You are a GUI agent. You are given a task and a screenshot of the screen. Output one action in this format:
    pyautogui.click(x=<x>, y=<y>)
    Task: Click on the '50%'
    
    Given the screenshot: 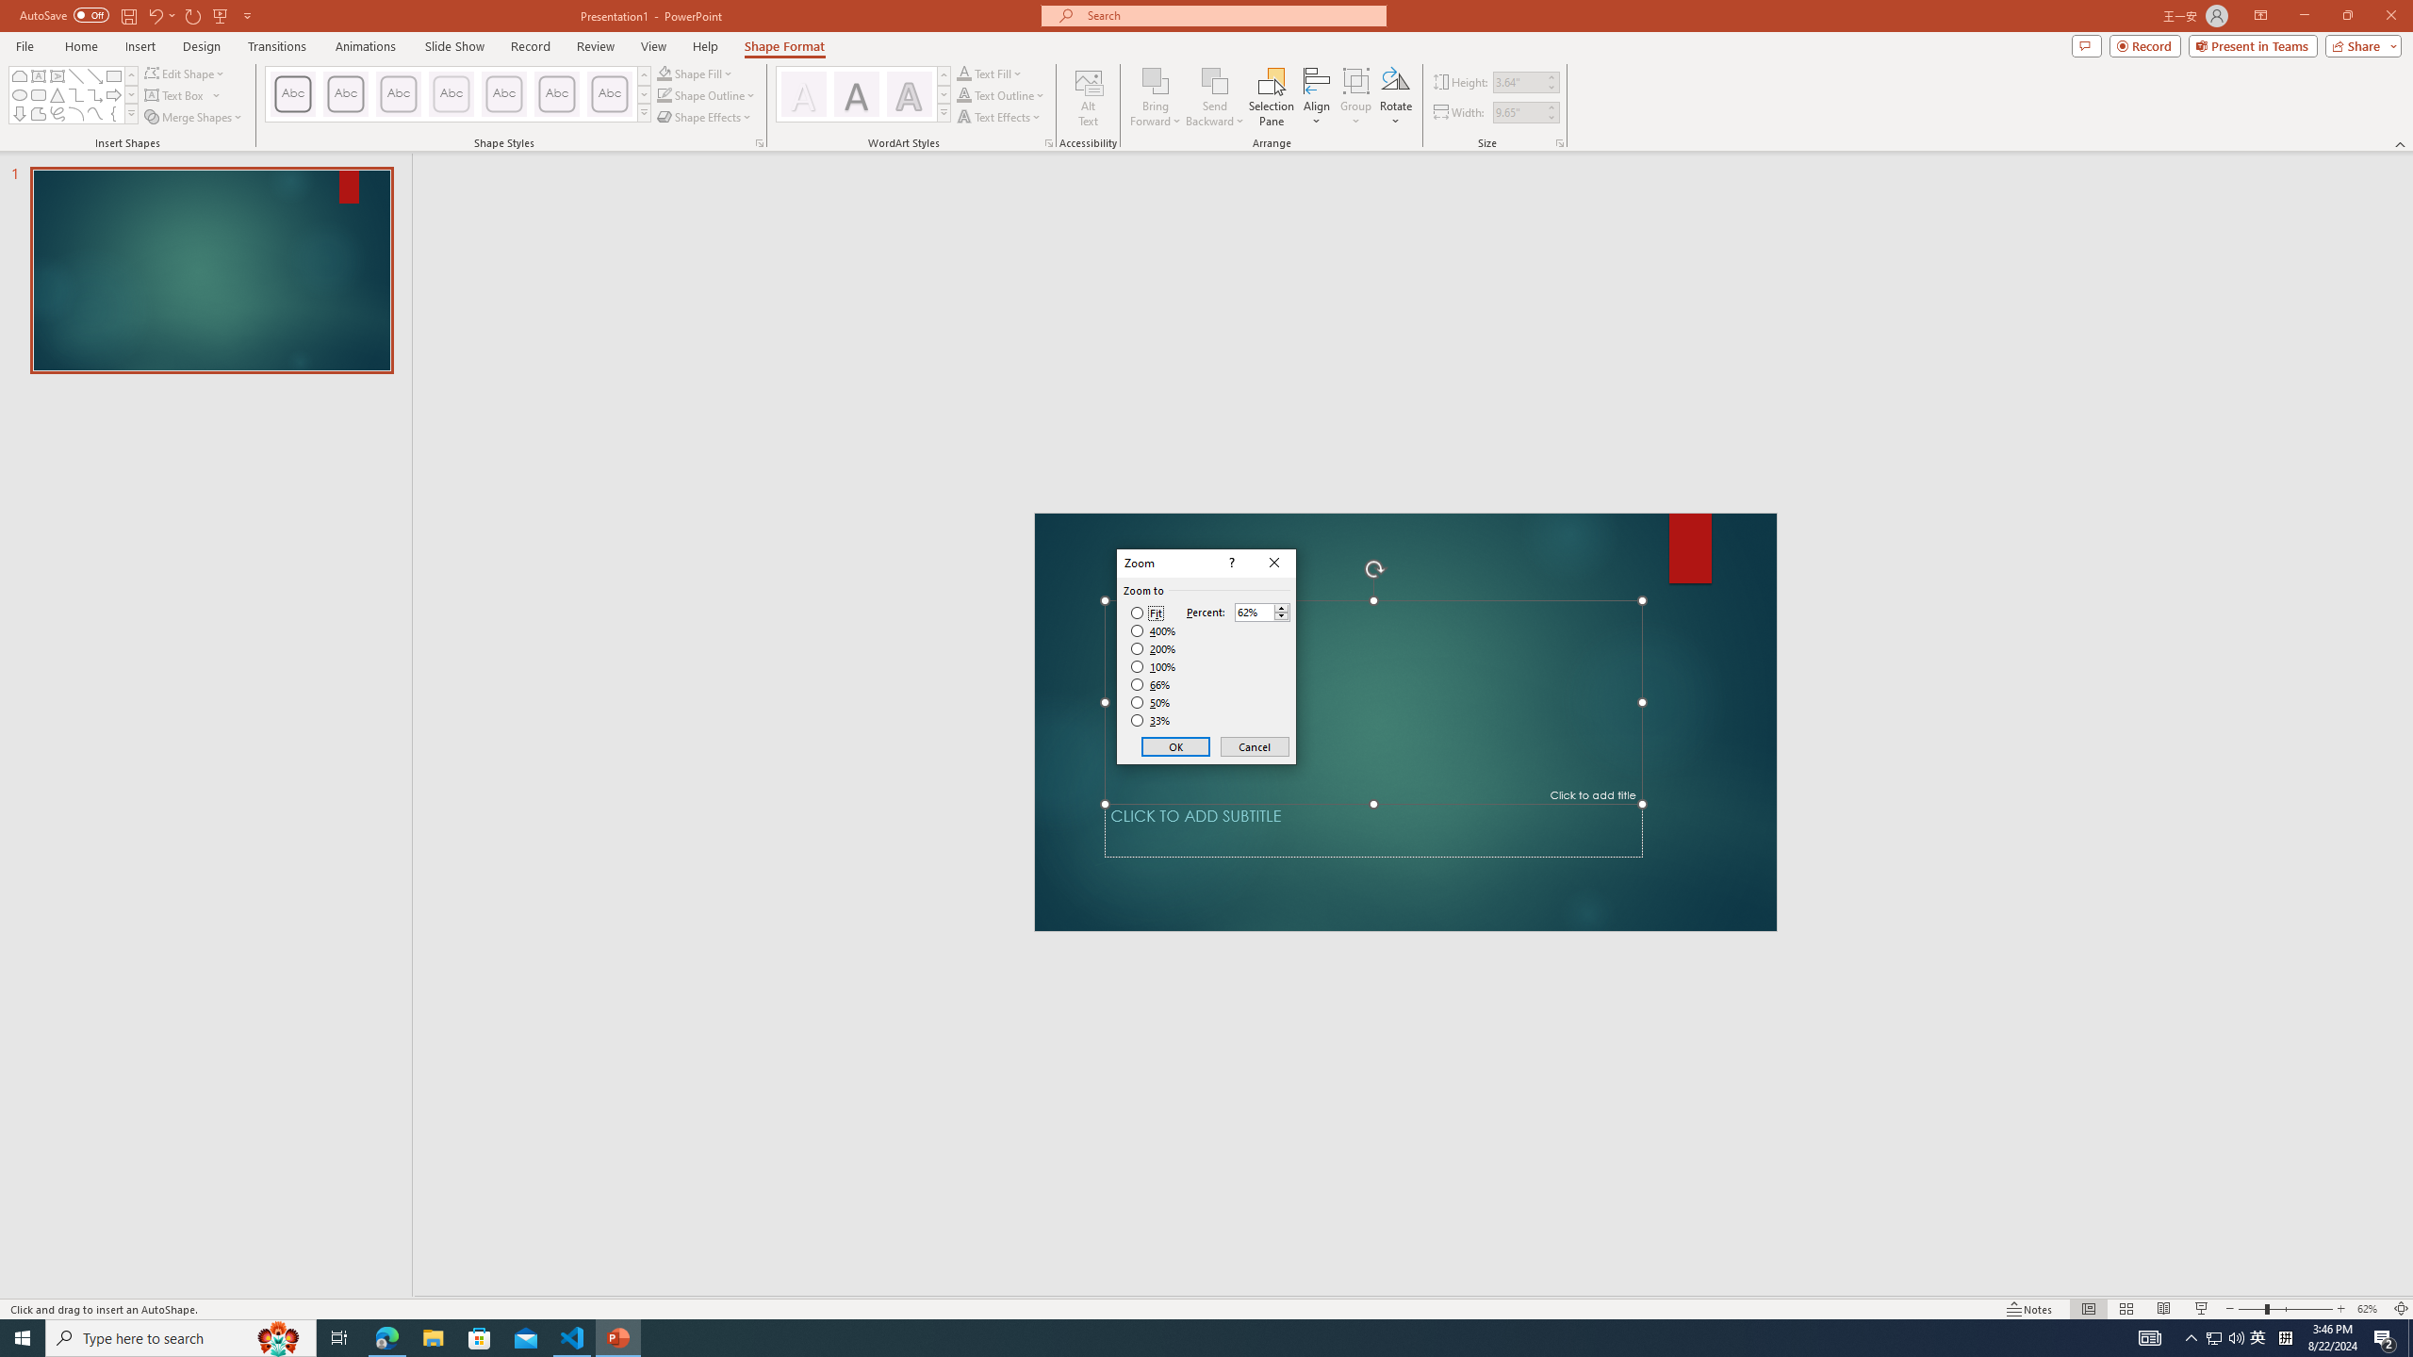 What is the action you would take?
    pyautogui.click(x=1152, y=701)
    